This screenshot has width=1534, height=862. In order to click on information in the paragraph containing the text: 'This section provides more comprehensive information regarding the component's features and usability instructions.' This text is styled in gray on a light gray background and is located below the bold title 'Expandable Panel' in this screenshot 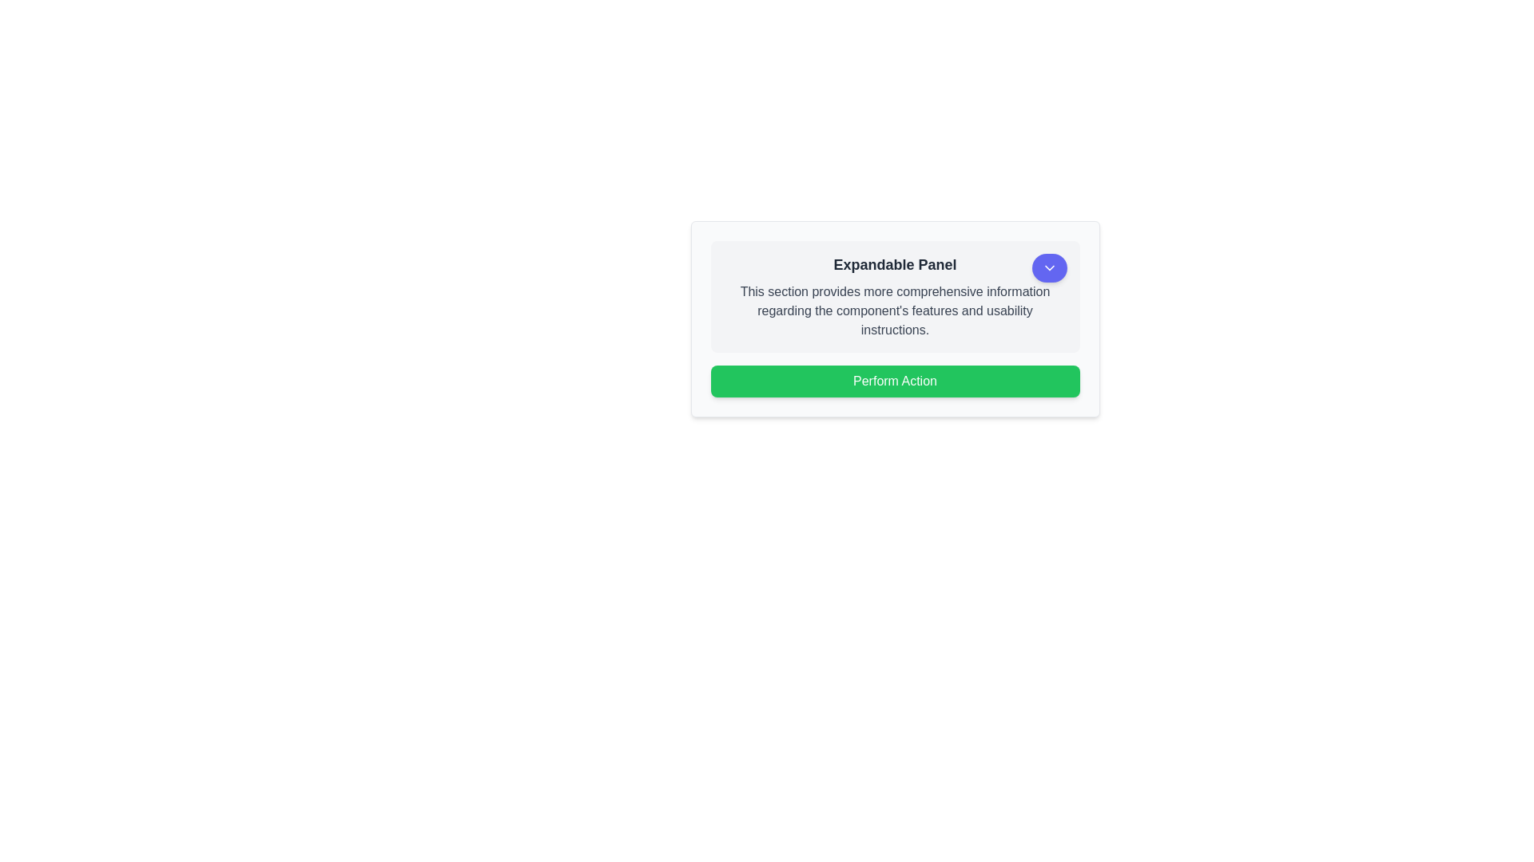, I will do `click(895, 310)`.